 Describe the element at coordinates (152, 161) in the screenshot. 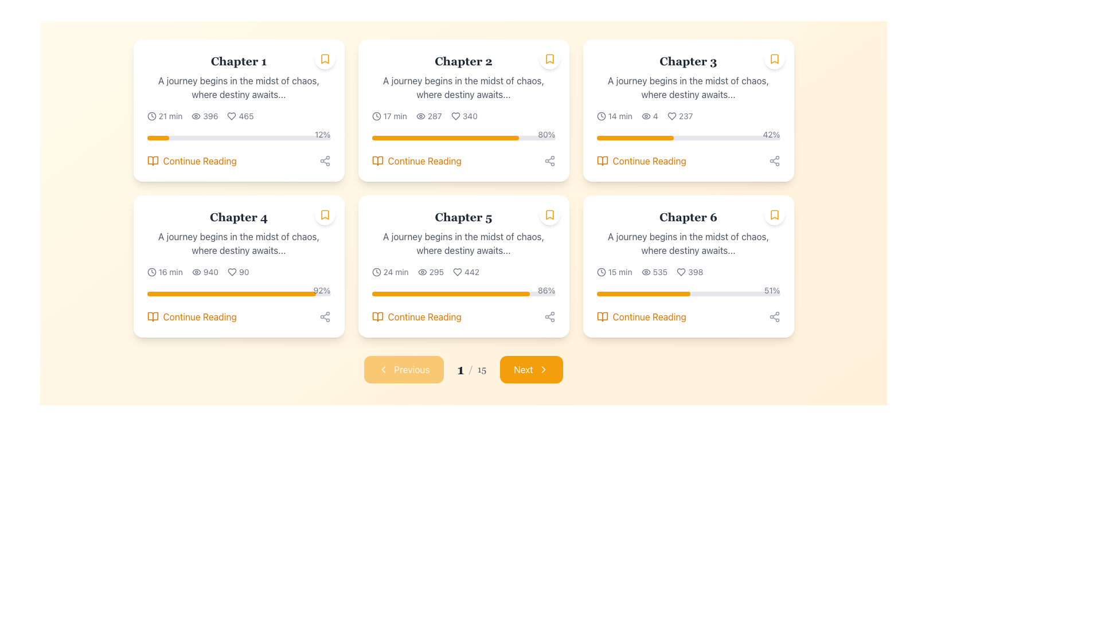

I see `the open book icon, which is styled with a thin orange outline and positioned directly to the left of the 'Continue Reading' text within the card interface for 'Chapter 1'` at that location.